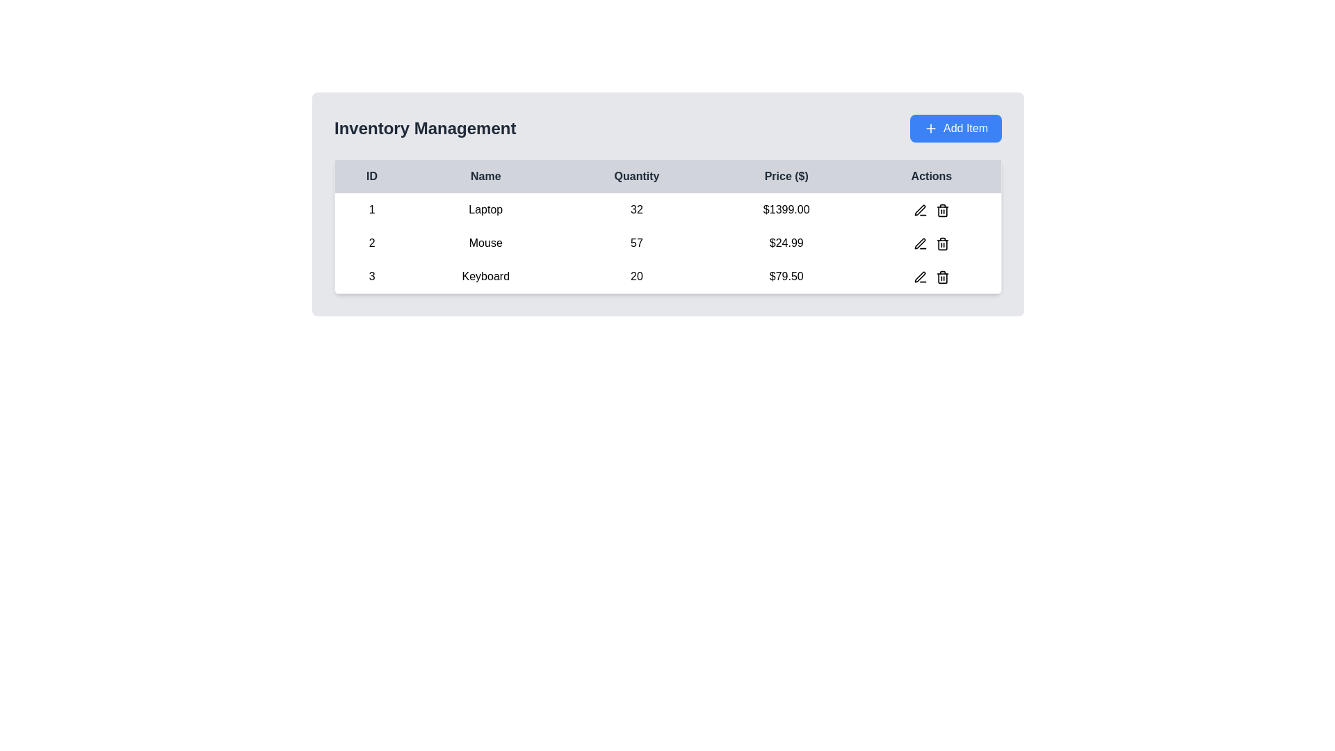  What do you see at coordinates (485, 277) in the screenshot?
I see `the static text label displaying 'Keyboard' in the inventory management system, located in the second column of the third row of the table` at bounding box center [485, 277].